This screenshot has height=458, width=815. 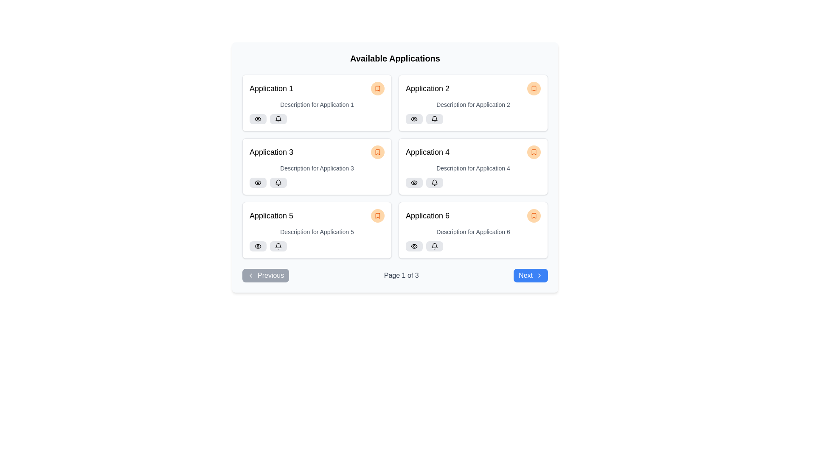 I want to click on the bell-shaped notification icon located in the upper-right corner of the card for 'Application 2', so click(x=434, y=119).